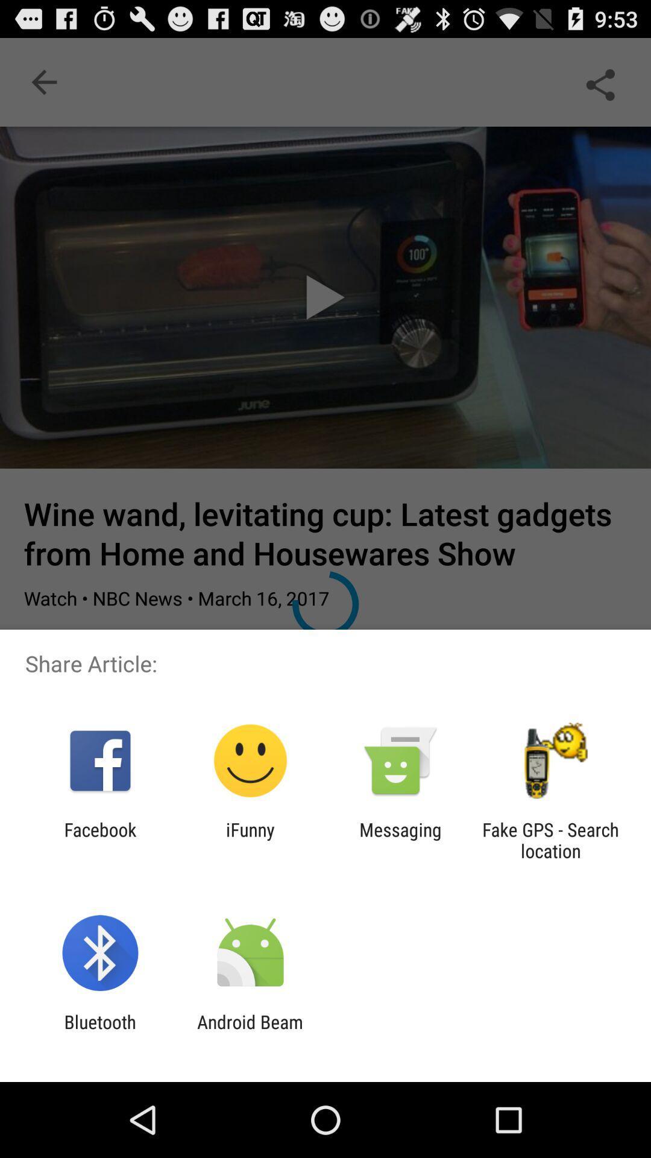  What do you see at coordinates (99, 1032) in the screenshot?
I see `app to the left of android beam app` at bounding box center [99, 1032].